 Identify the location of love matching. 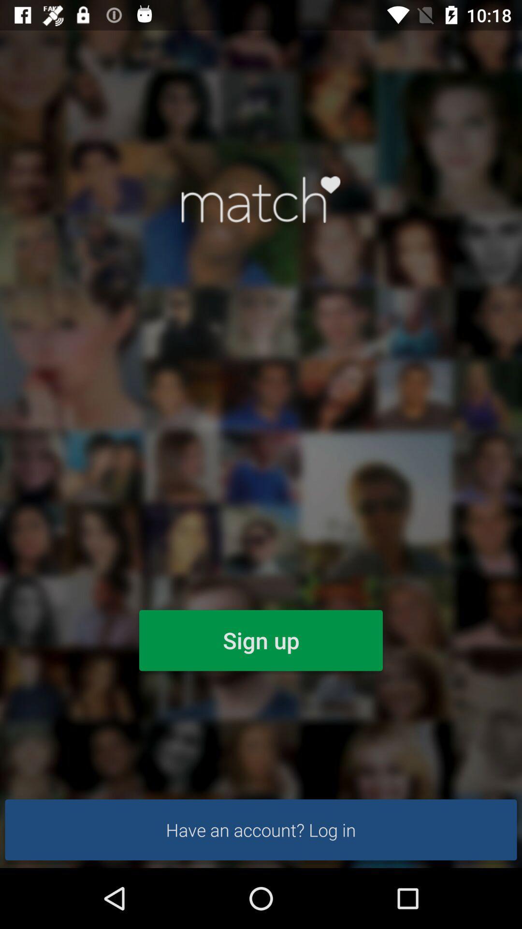
(261, 199).